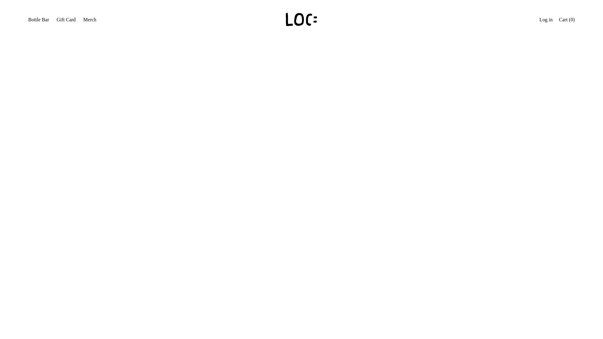 Image resolution: width=603 pixels, height=339 pixels. I want to click on 'Cart (0)', so click(567, 20).